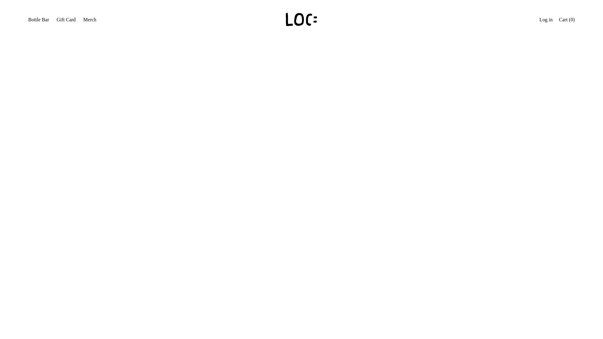 Image resolution: width=603 pixels, height=339 pixels. I want to click on 'Cart (0)', so click(567, 20).